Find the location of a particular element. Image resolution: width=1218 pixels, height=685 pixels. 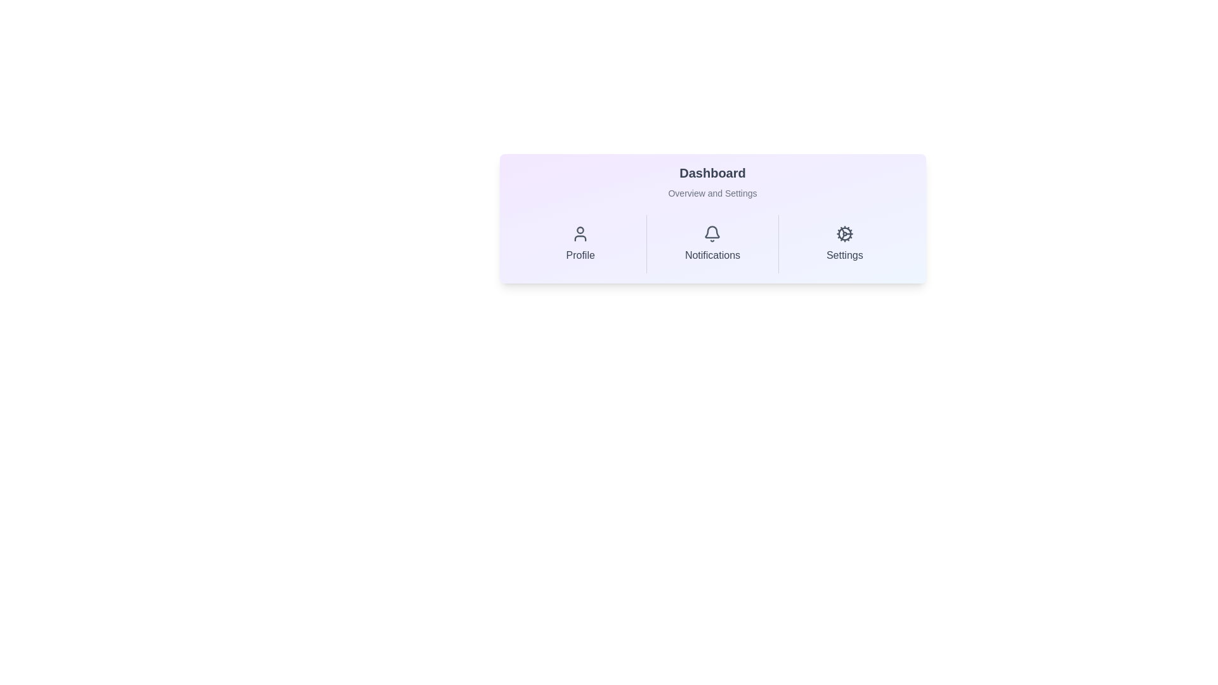

'Settings' label located to the right of 'Profile' and 'Notifications' in the settings section, which indicates the associated configuration options is located at coordinates (844, 255).